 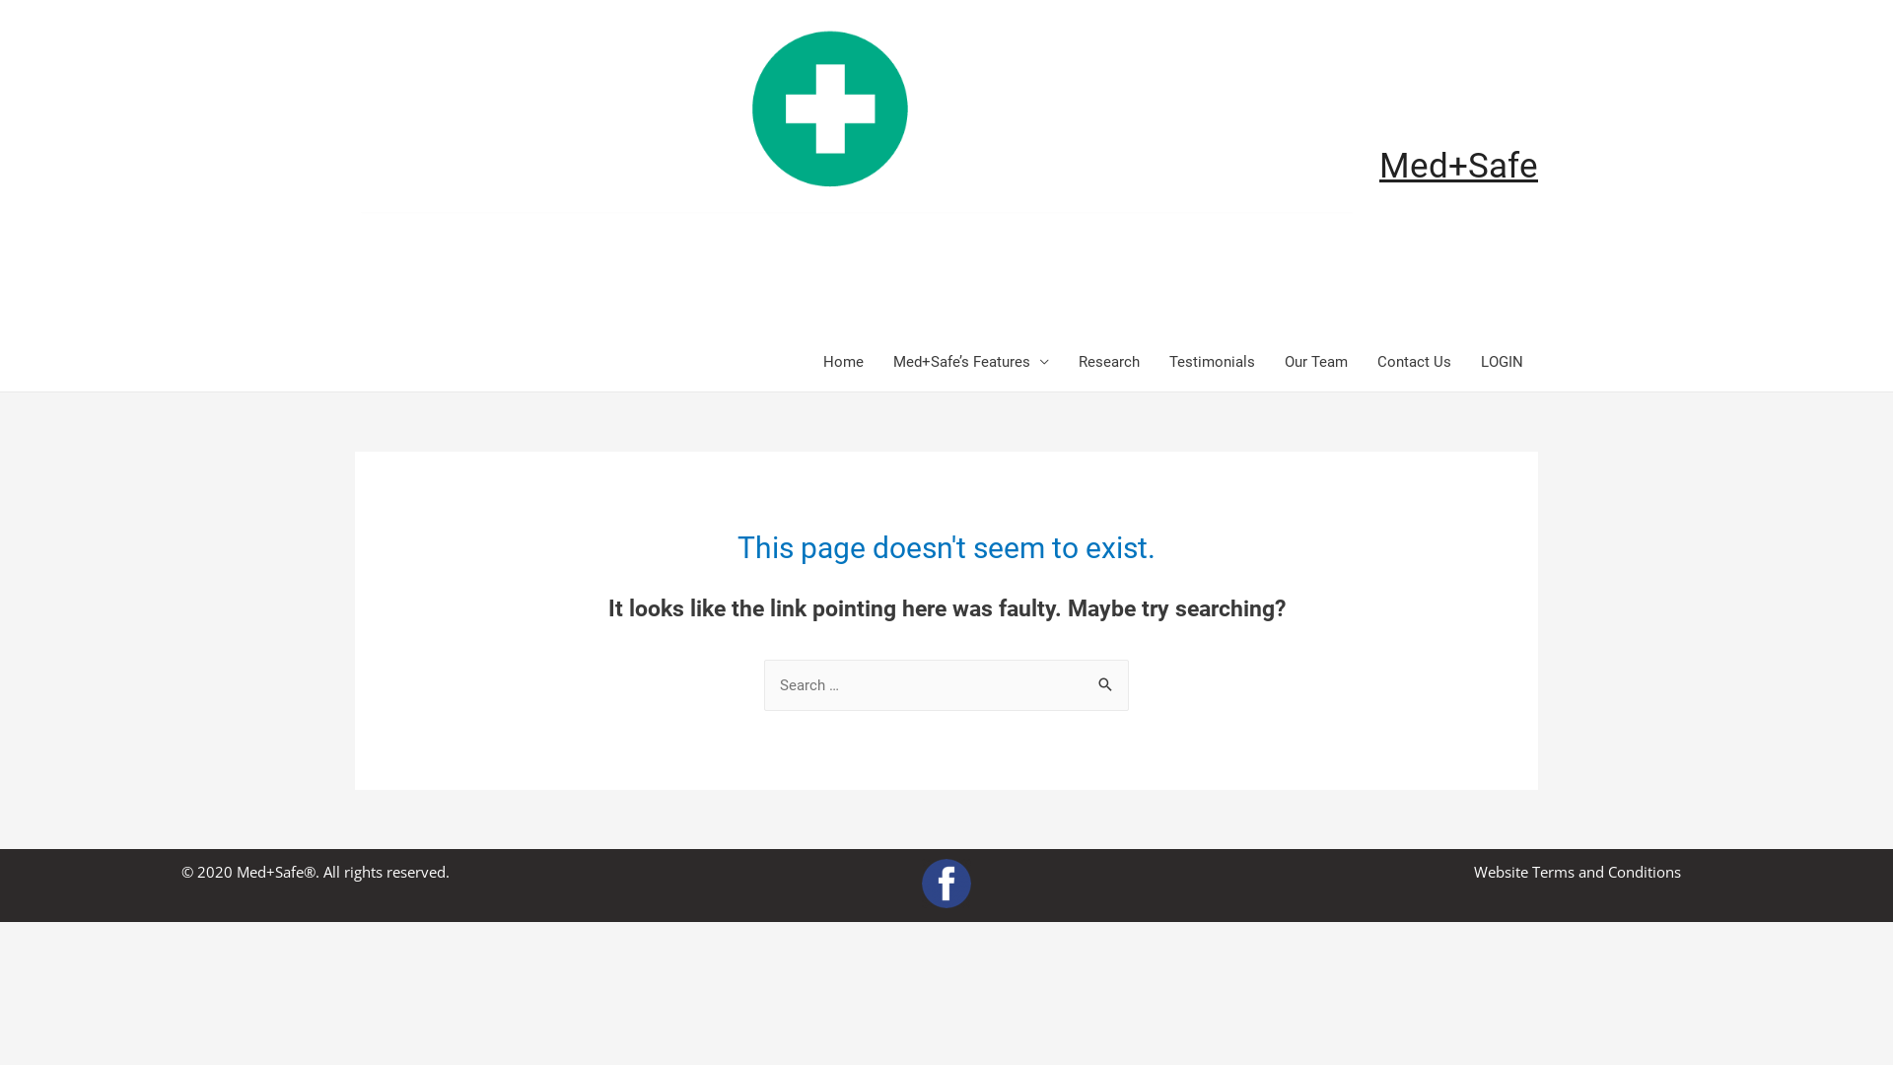 What do you see at coordinates (1315, 361) in the screenshot?
I see `'Our Team'` at bounding box center [1315, 361].